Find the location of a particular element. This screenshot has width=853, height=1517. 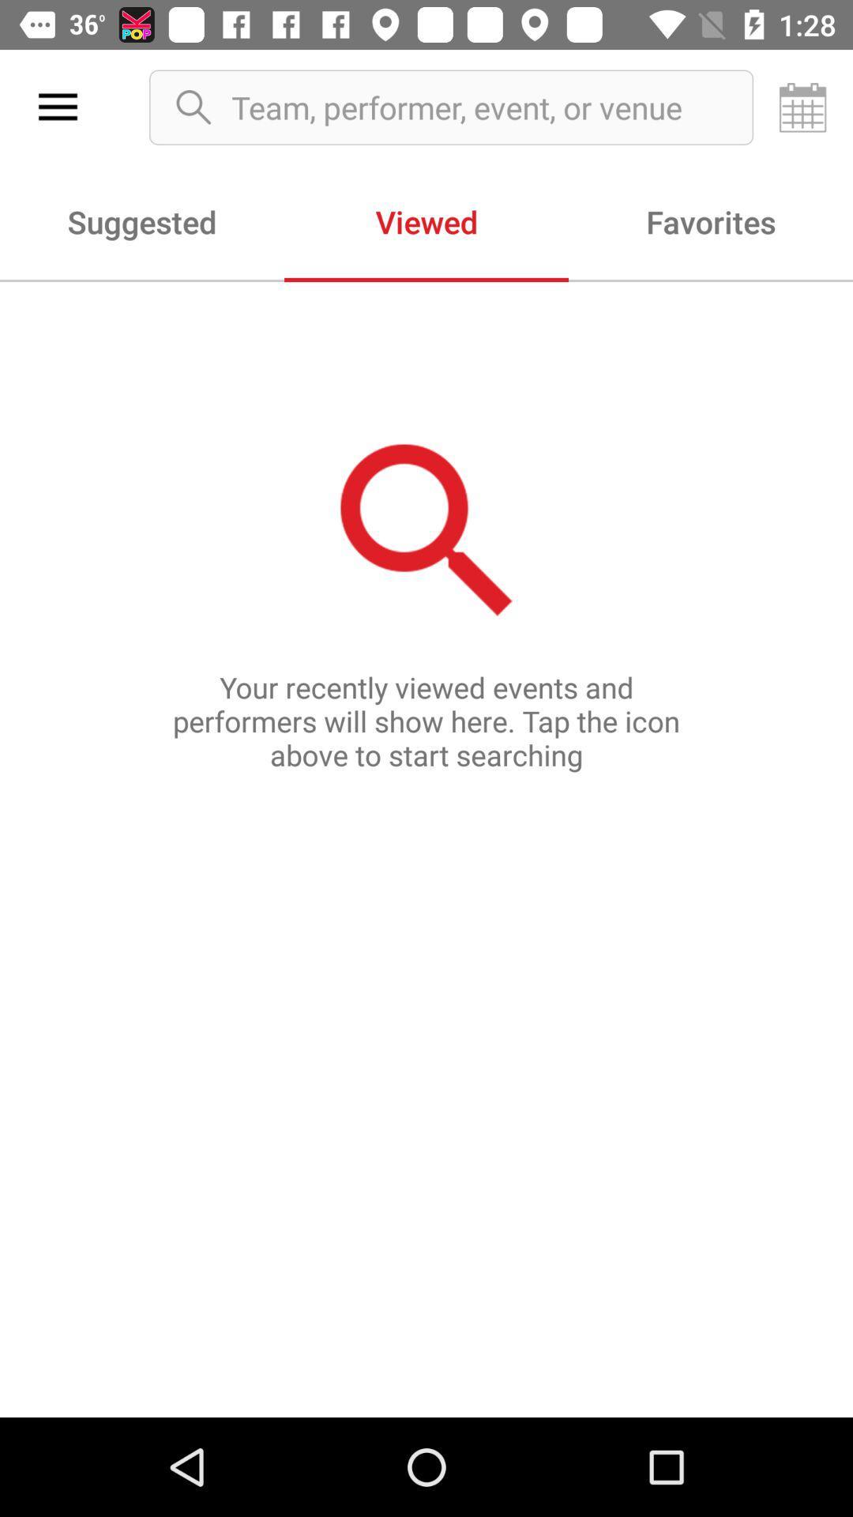

item to the right of the viewed icon is located at coordinates (709, 220).